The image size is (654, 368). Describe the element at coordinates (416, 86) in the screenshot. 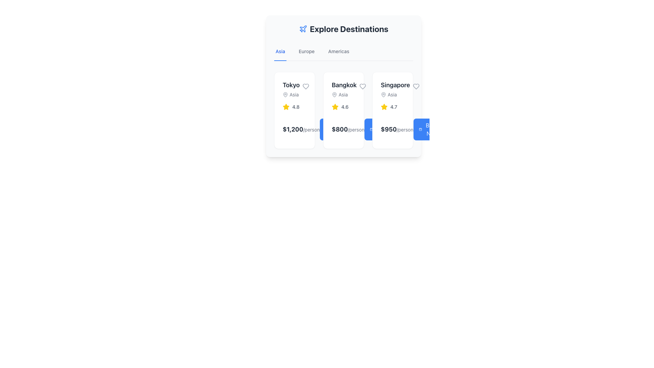

I see `the favorite icon button located in the upper-right corner of the 'Singapore' card to mark it as a preferred destination` at that location.